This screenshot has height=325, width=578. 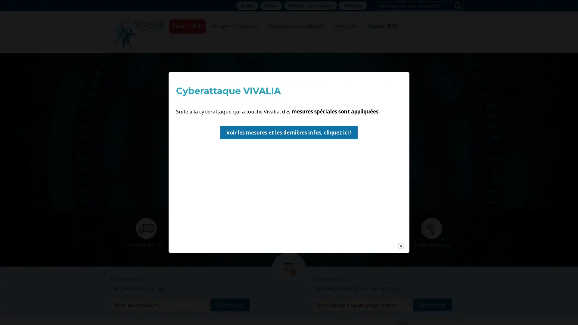 What do you see at coordinates (432, 304) in the screenshot?
I see `Demander` at bounding box center [432, 304].